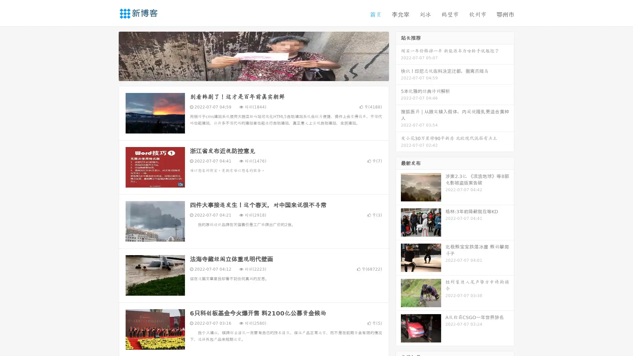 The height and width of the screenshot is (356, 633). What do you see at coordinates (247, 74) in the screenshot?
I see `Go to slide 1` at bounding box center [247, 74].